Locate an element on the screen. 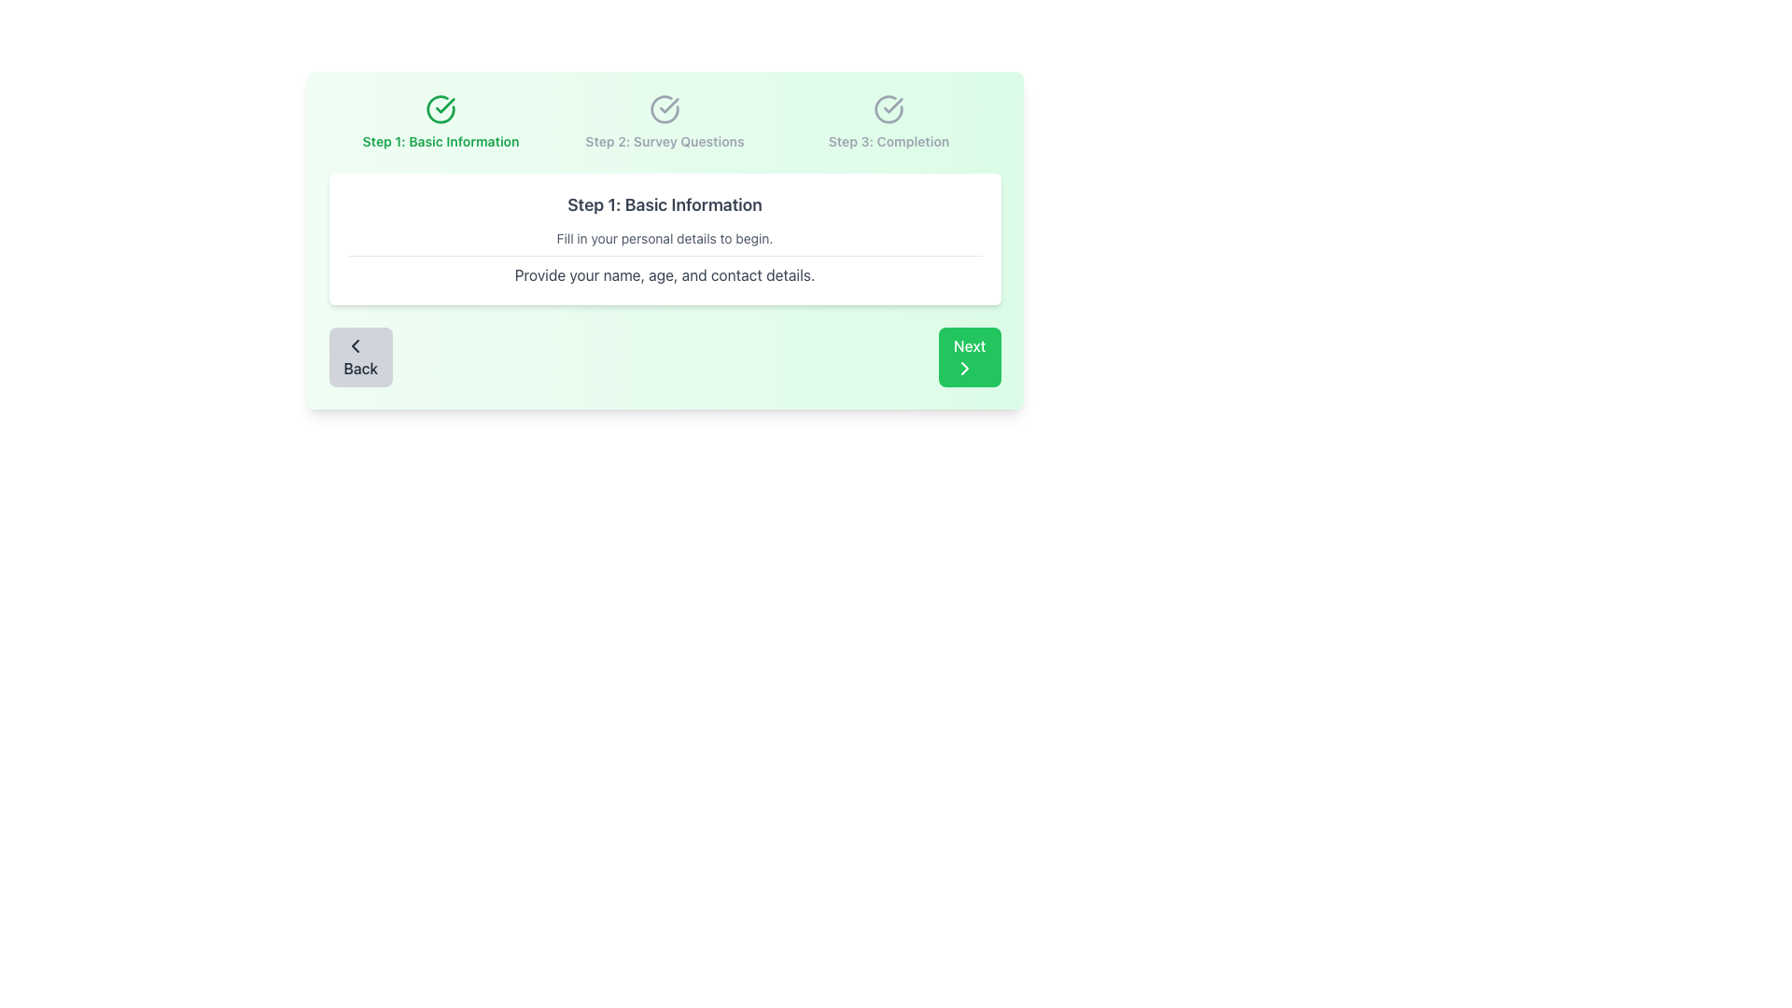  instructions displayed in the text element that says 'Provide your name, age, and contact details.' is located at coordinates (665, 271).